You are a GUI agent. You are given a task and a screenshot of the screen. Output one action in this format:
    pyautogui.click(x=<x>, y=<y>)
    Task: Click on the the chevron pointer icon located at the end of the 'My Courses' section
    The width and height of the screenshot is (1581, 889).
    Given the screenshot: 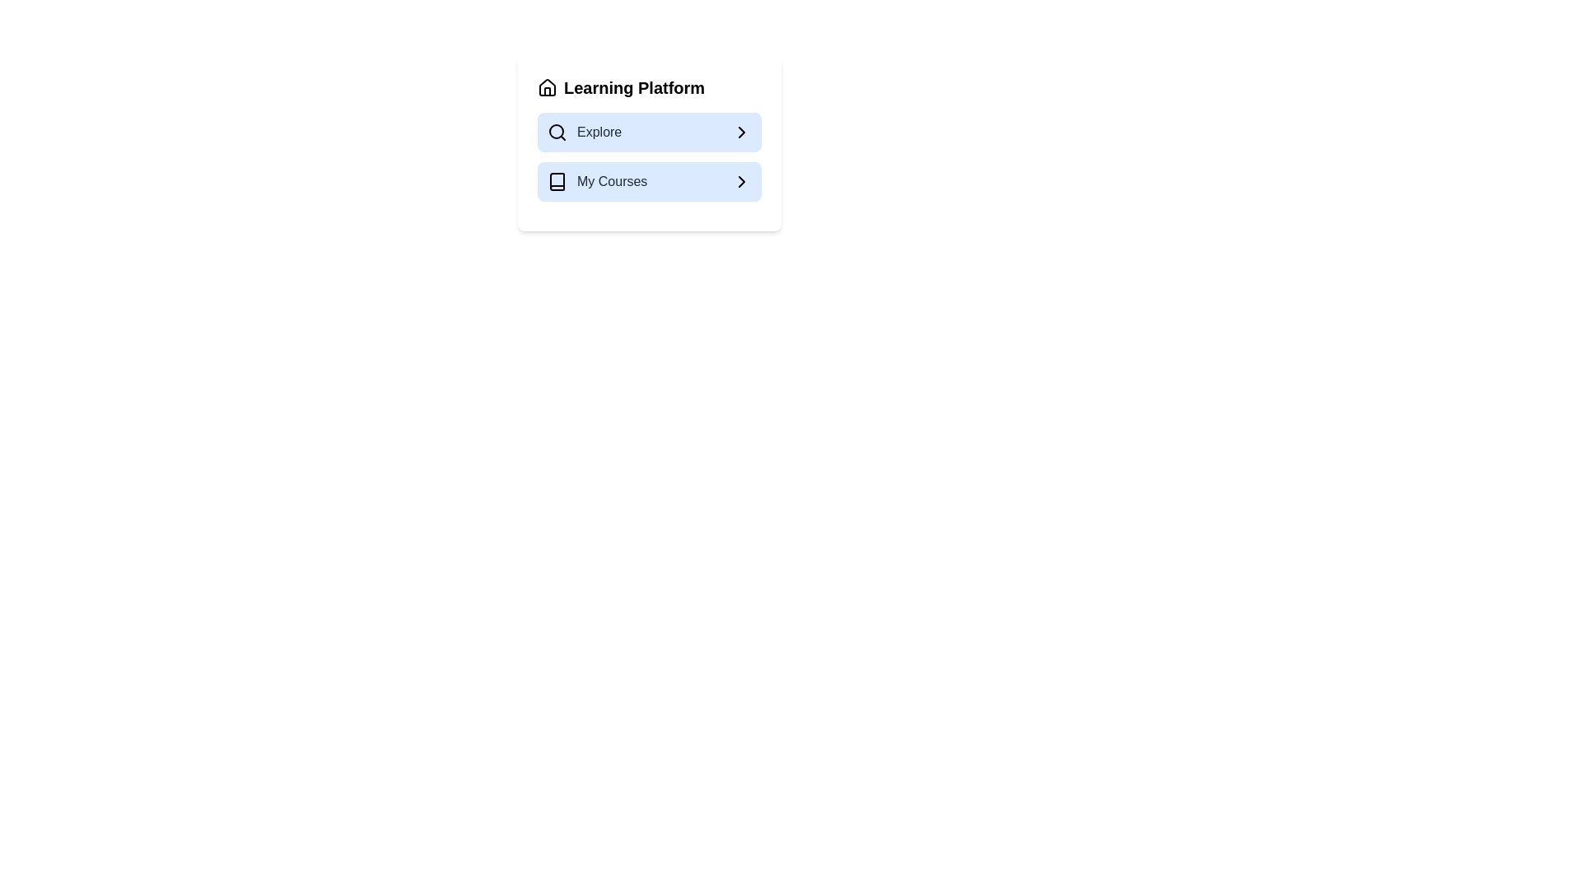 What is the action you would take?
    pyautogui.click(x=741, y=181)
    